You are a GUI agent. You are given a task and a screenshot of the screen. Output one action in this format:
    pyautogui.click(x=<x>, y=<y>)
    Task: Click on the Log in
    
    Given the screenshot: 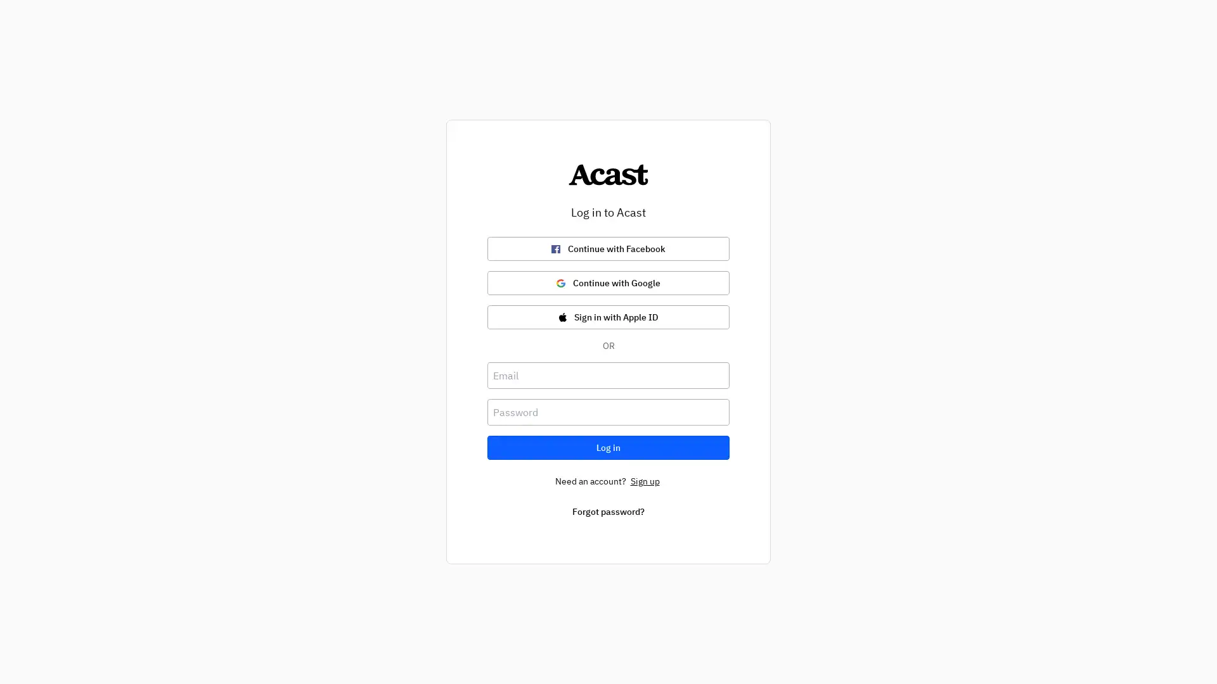 What is the action you would take?
    pyautogui.click(x=608, y=446)
    